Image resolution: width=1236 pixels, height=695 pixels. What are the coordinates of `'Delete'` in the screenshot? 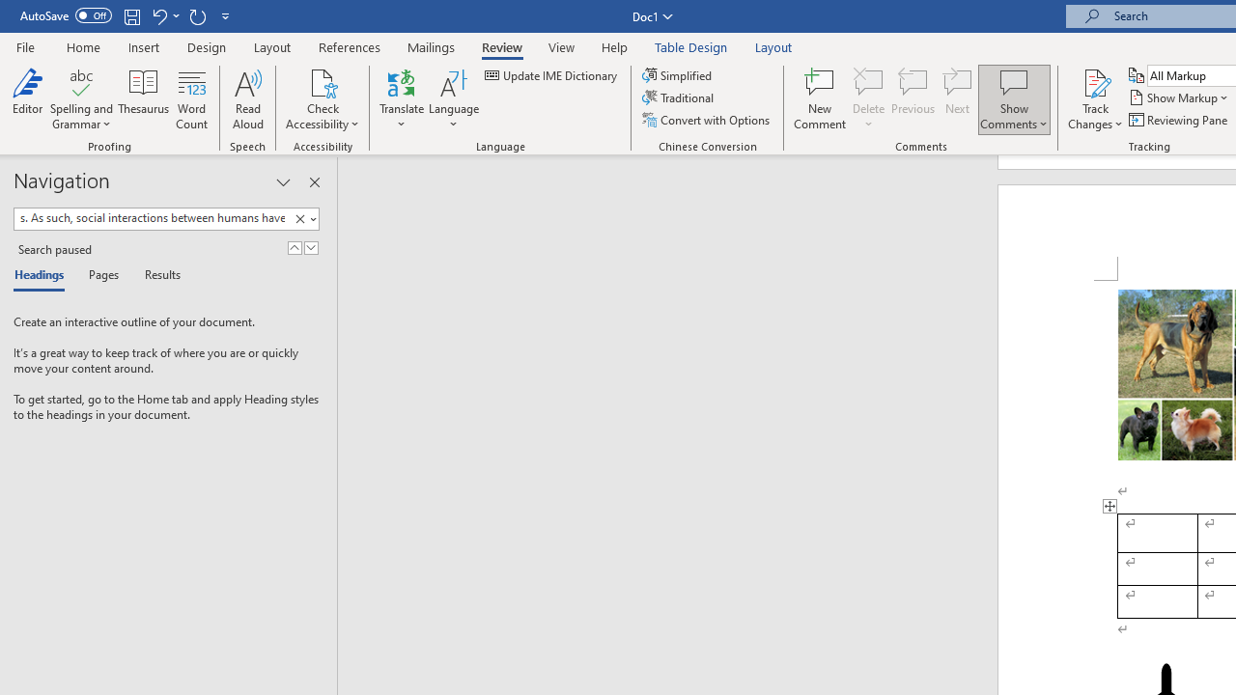 It's located at (868, 81).